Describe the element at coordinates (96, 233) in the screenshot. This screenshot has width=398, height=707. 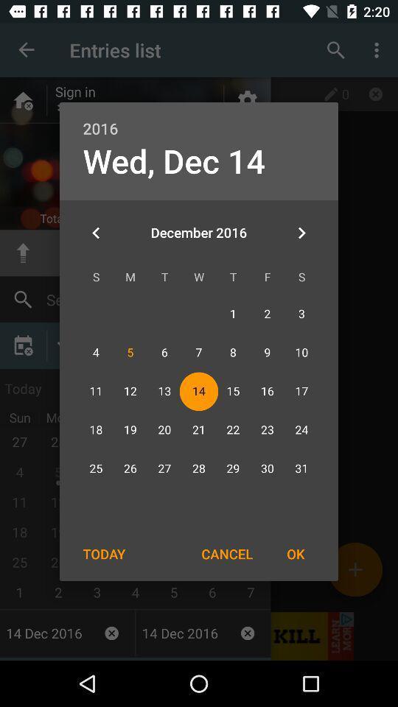
I see `the item at the top left corner` at that location.